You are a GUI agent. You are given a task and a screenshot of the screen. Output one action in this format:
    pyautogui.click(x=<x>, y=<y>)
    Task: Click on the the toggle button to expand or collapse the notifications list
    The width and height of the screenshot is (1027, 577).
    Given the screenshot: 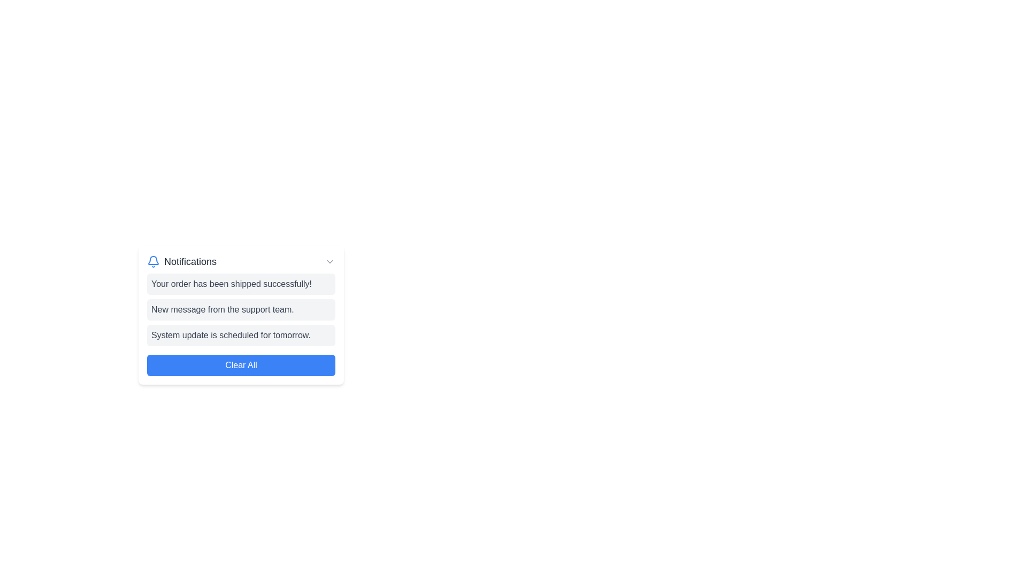 What is the action you would take?
    pyautogui.click(x=329, y=261)
    